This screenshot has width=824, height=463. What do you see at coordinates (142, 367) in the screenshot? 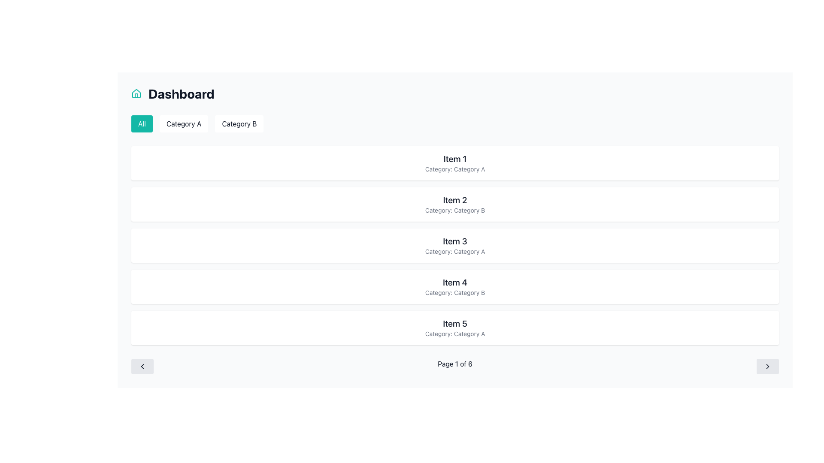
I see `the left arrow icon located in the bottom left corner of the page` at bounding box center [142, 367].